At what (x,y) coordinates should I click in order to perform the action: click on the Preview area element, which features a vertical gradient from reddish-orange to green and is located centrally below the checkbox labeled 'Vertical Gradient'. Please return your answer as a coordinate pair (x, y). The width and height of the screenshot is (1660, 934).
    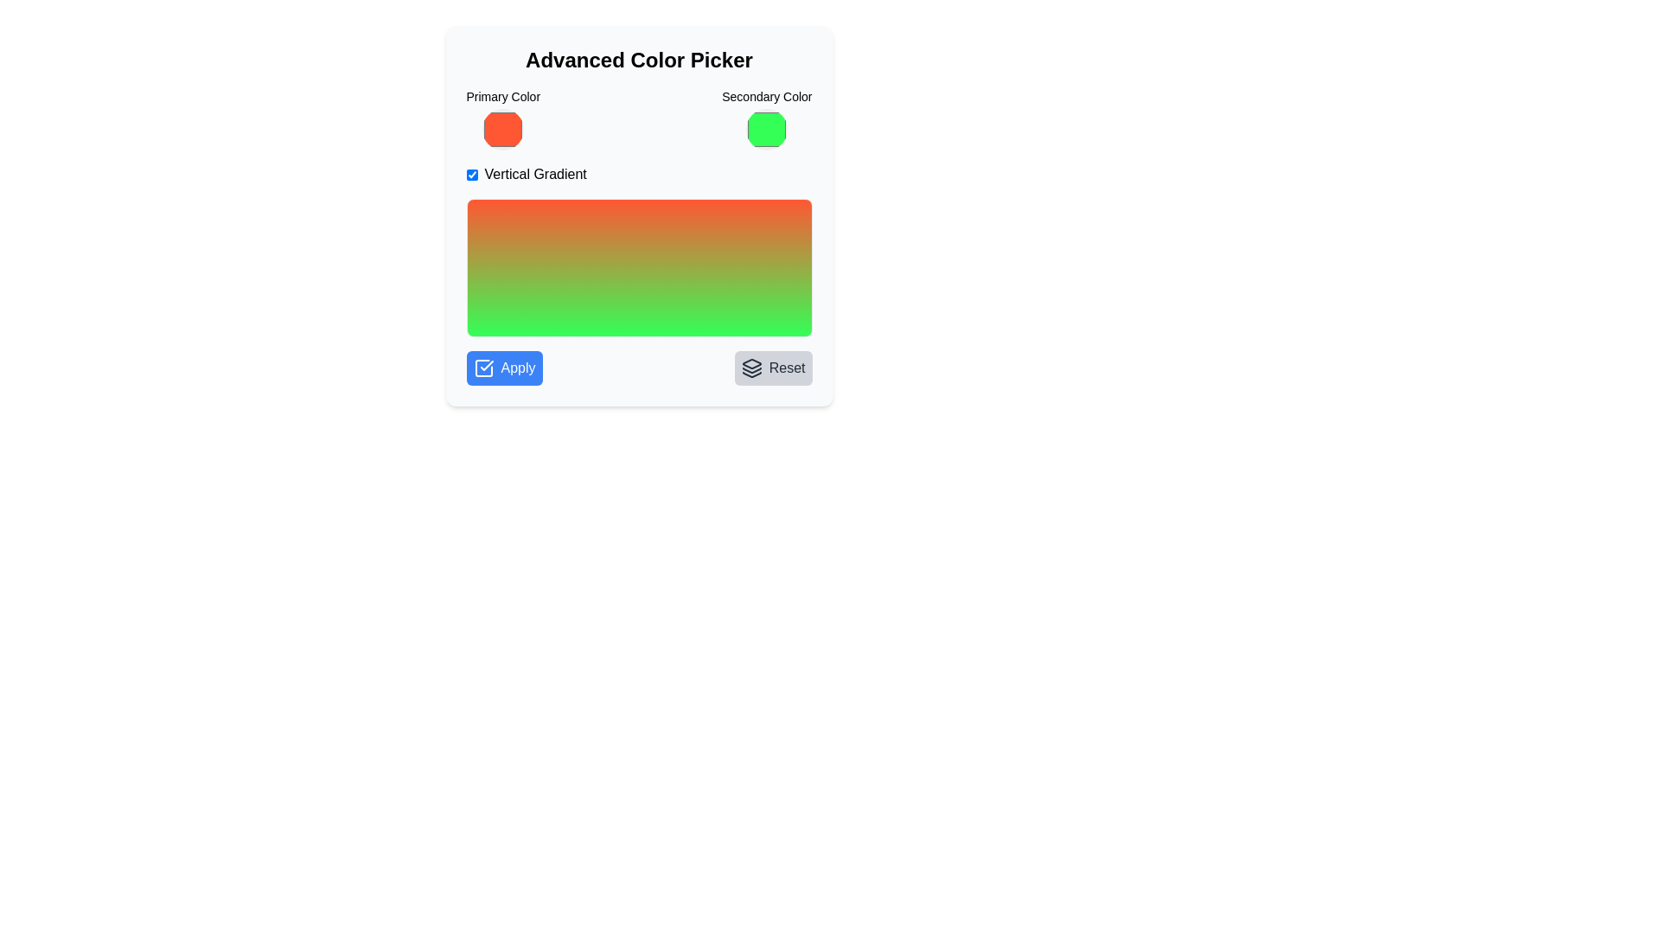
    Looking at the image, I should click on (638, 267).